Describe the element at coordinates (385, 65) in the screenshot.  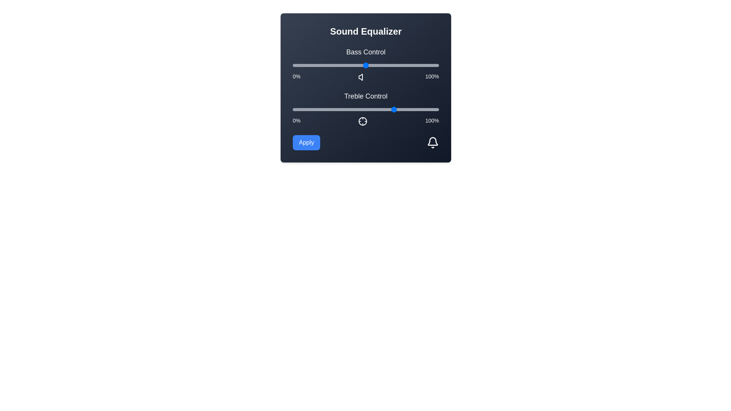
I see `the bass control slider to 63%` at that location.